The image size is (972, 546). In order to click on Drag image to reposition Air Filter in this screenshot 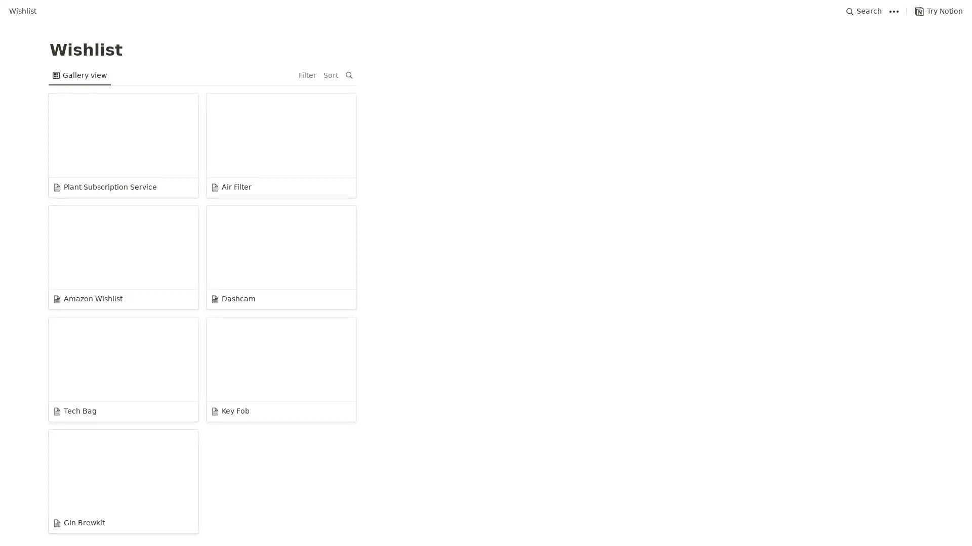, I will do `click(265, 150)`.